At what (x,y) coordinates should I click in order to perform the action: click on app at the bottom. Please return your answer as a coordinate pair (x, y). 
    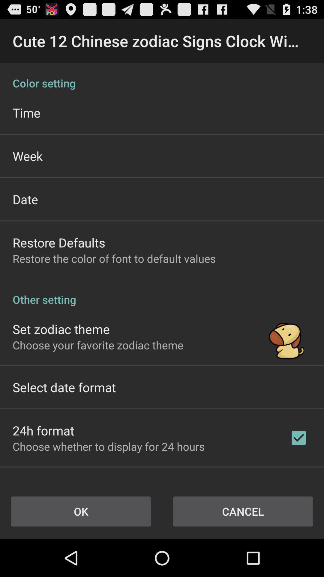
    Looking at the image, I should click on (109, 446).